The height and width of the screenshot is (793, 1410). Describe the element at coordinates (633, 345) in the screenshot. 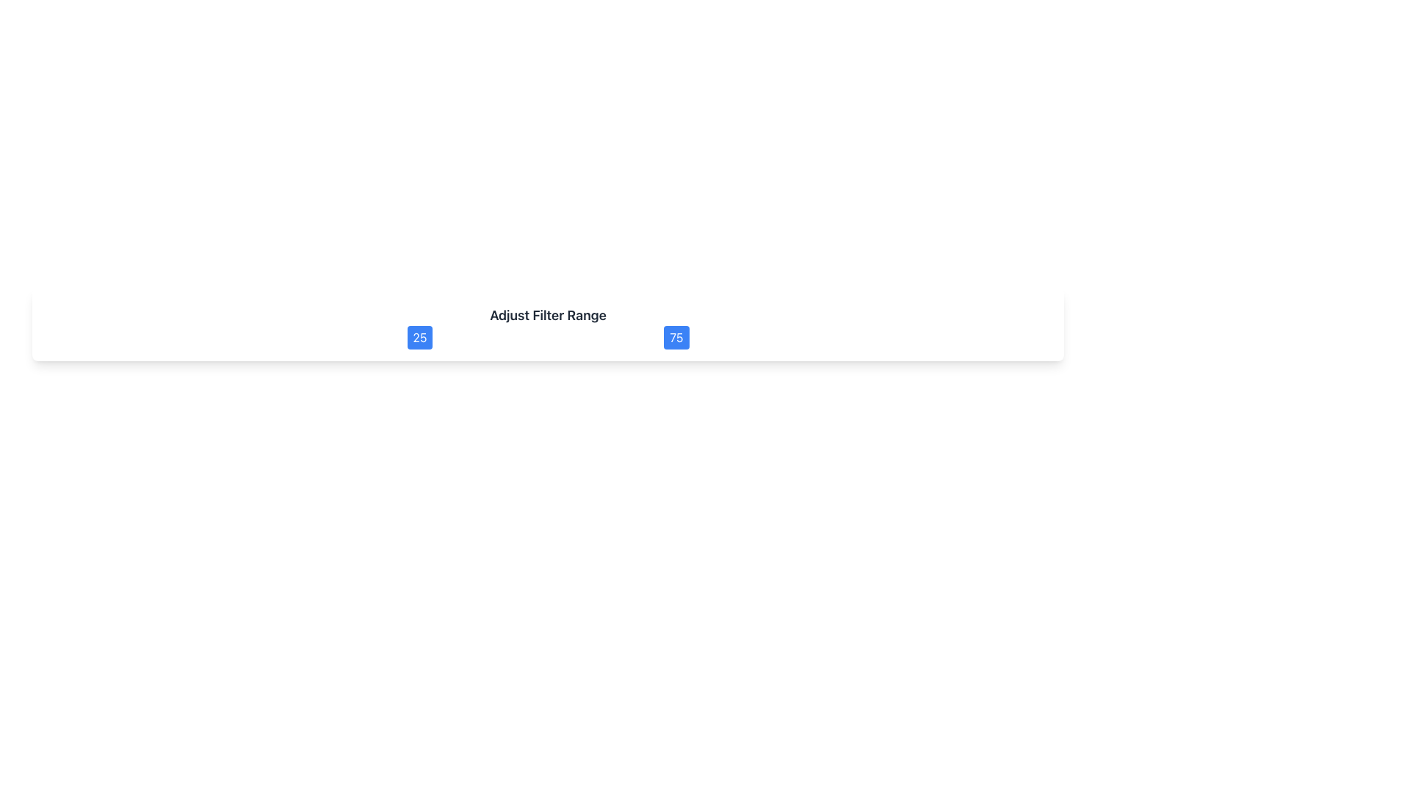

I see `slider value` at that location.